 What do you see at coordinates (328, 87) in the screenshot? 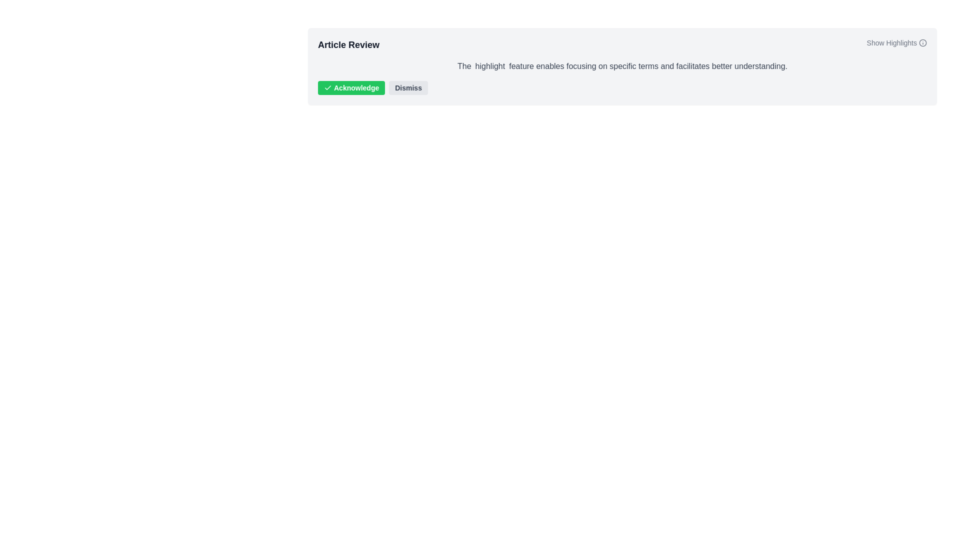
I see `the SVG Icon located inside the 'Acknowledge' button, adjacent to the text label 'Acknowledge'` at bounding box center [328, 87].